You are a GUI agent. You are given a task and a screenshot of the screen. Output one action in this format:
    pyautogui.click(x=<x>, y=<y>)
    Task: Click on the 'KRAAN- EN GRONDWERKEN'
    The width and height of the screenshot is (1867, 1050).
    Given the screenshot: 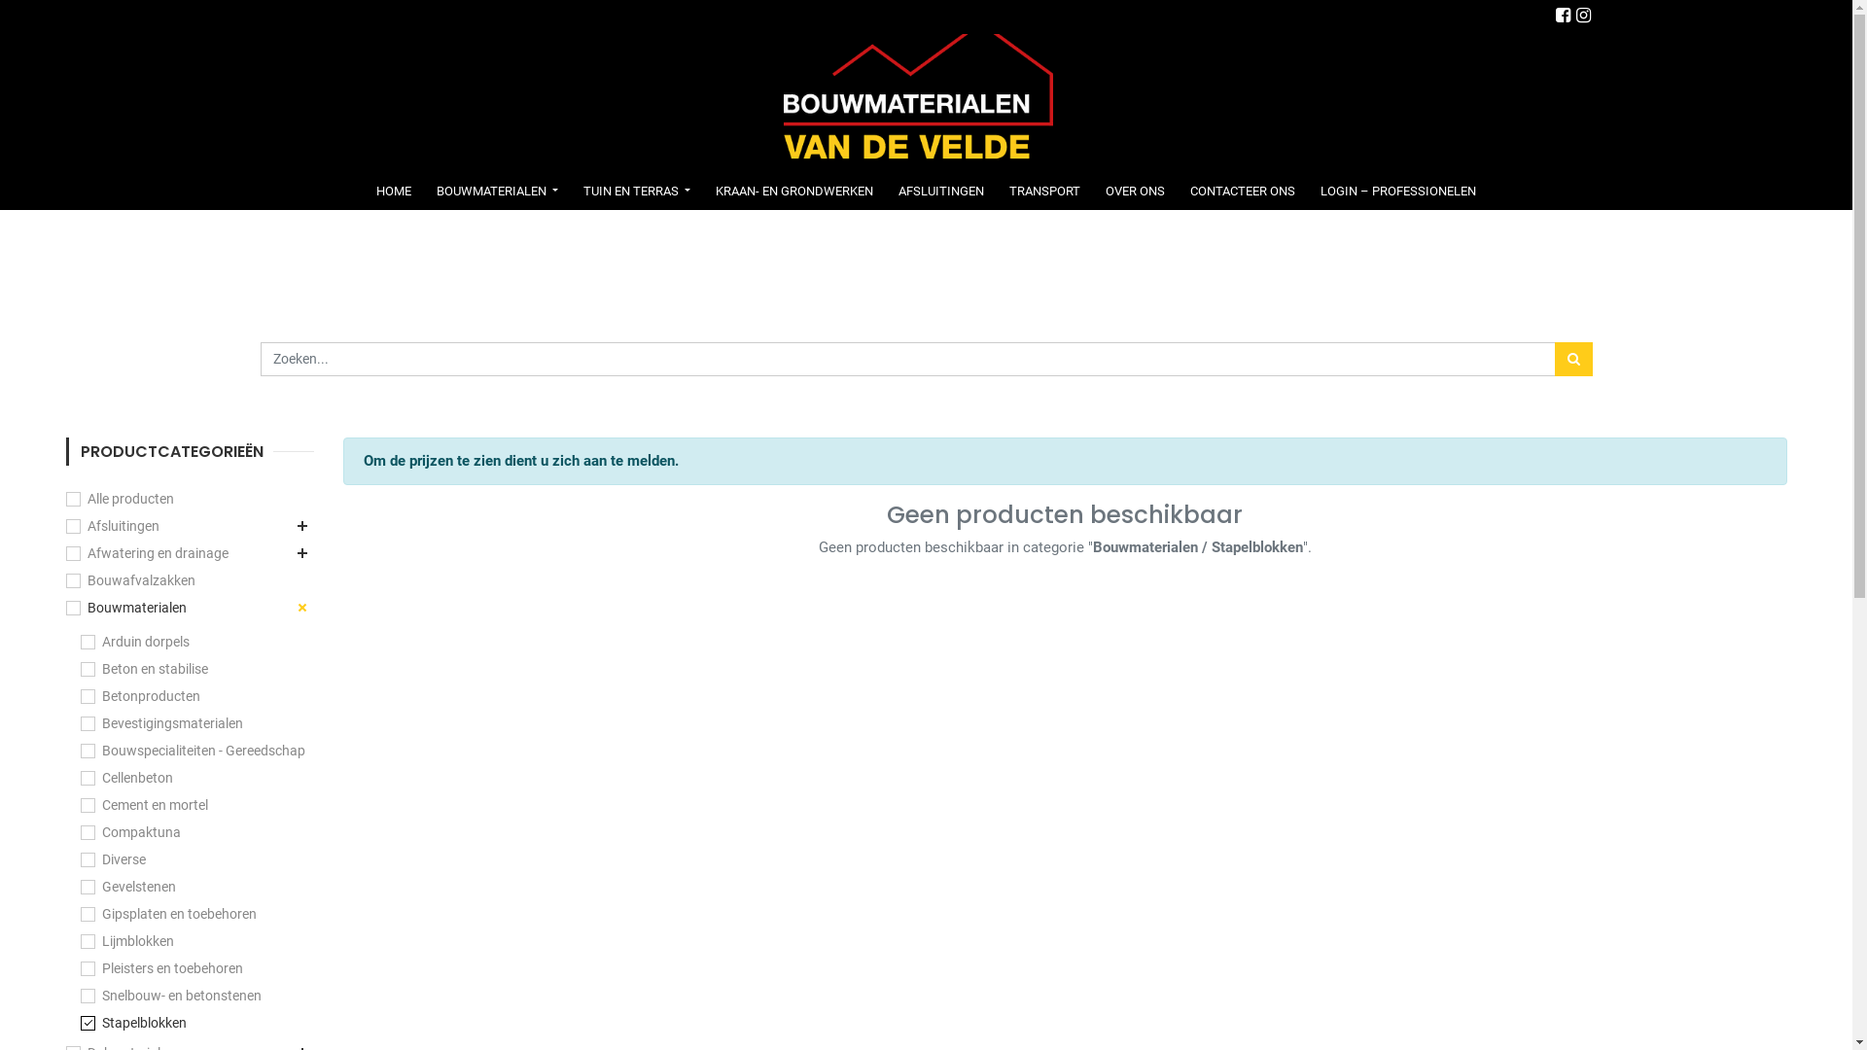 What is the action you would take?
    pyautogui.click(x=793, y=191)
    